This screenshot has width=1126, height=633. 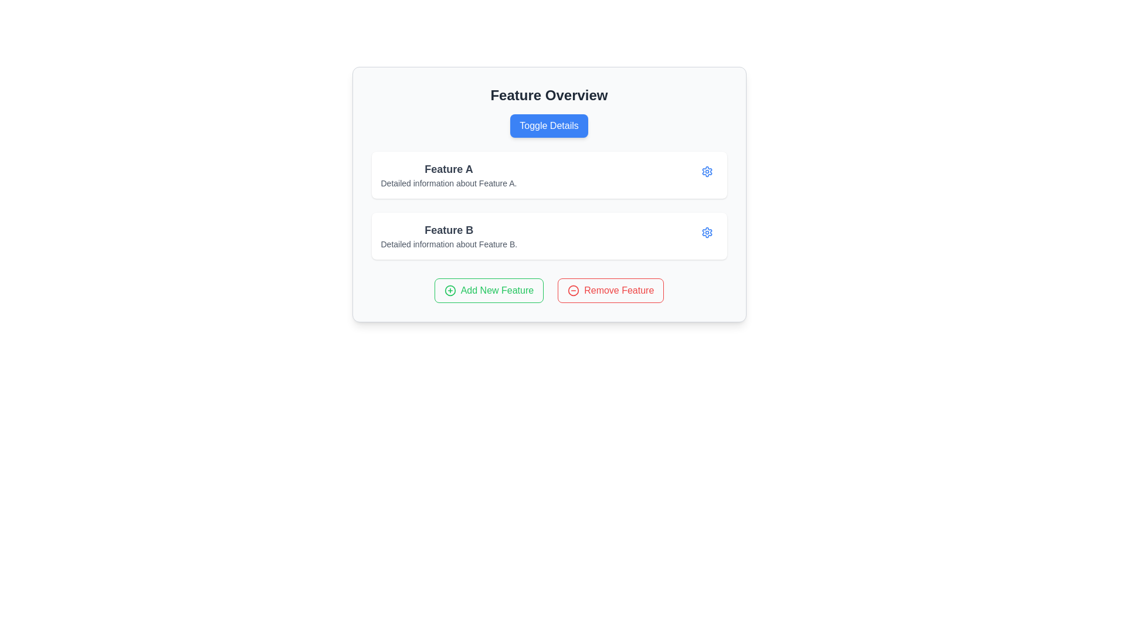 What do you see at coordinates (706, 233) in the screenshot?
I see `the blue gear-shaped icon with intricate spokes located on the right-hand side of the 'Feature A' row` at bounding box center [706, 233].